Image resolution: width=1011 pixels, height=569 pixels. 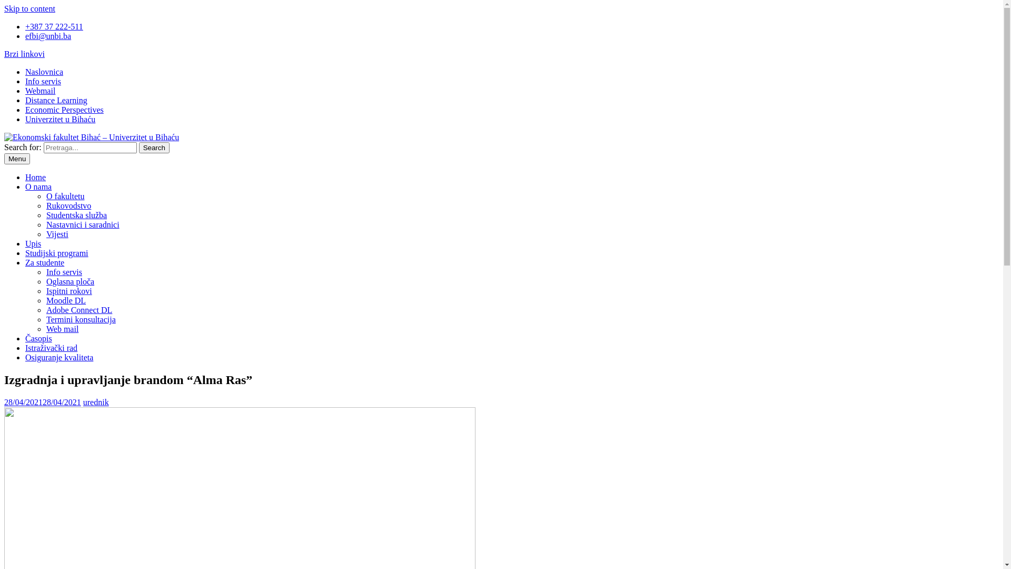 What do you see at coordinates (62, 328) in the screenshot?
I see `'Web mail'` at bounding box center [62, 328].